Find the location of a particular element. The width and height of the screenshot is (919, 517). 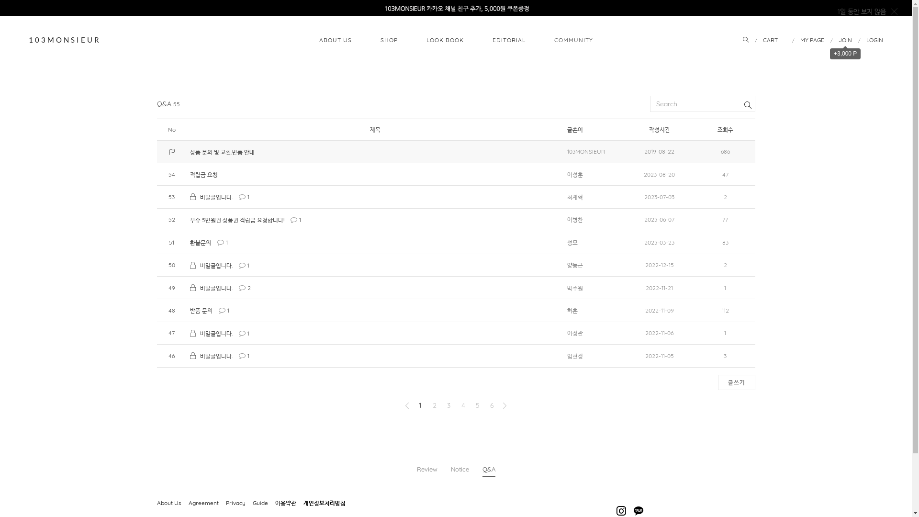

'2' is located at coordinates (428, 405).